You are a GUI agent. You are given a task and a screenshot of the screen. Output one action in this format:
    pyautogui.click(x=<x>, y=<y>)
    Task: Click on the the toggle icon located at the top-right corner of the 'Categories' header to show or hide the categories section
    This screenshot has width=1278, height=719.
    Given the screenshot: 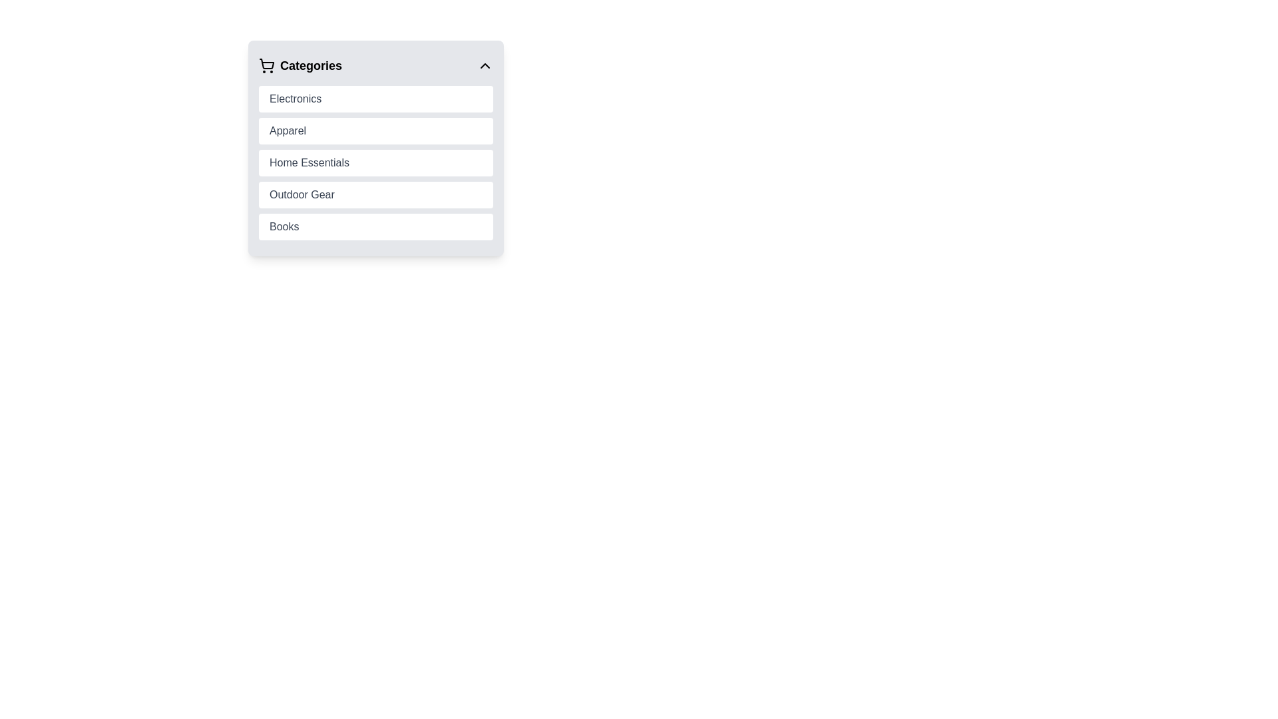 What is the action you would take?
    pyautogui.click(x=485, y=66)
    